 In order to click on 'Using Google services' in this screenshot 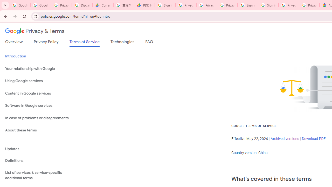, I will do `click(39, 81)`.